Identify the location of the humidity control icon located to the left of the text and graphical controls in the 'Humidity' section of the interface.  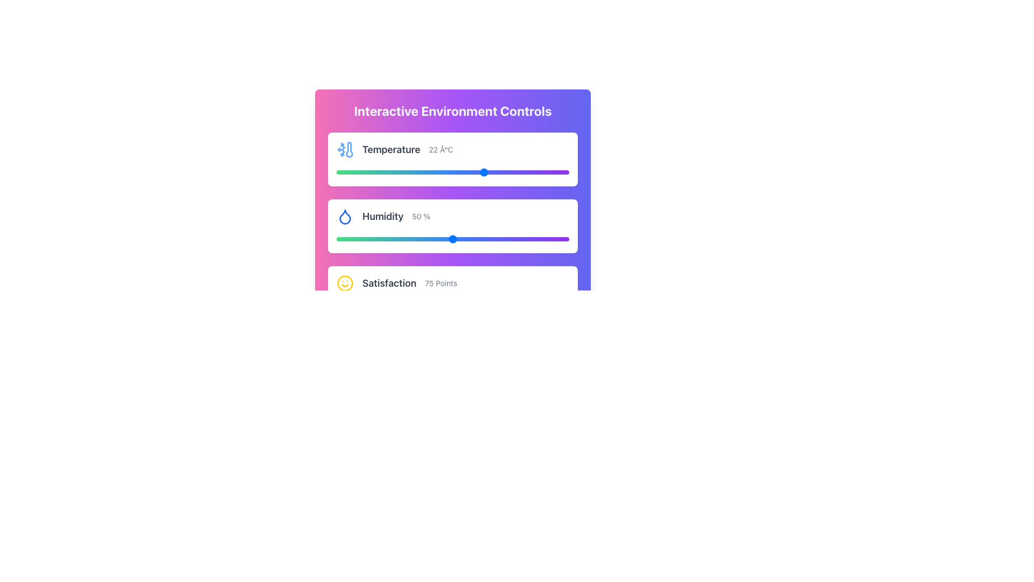
(345, 216).